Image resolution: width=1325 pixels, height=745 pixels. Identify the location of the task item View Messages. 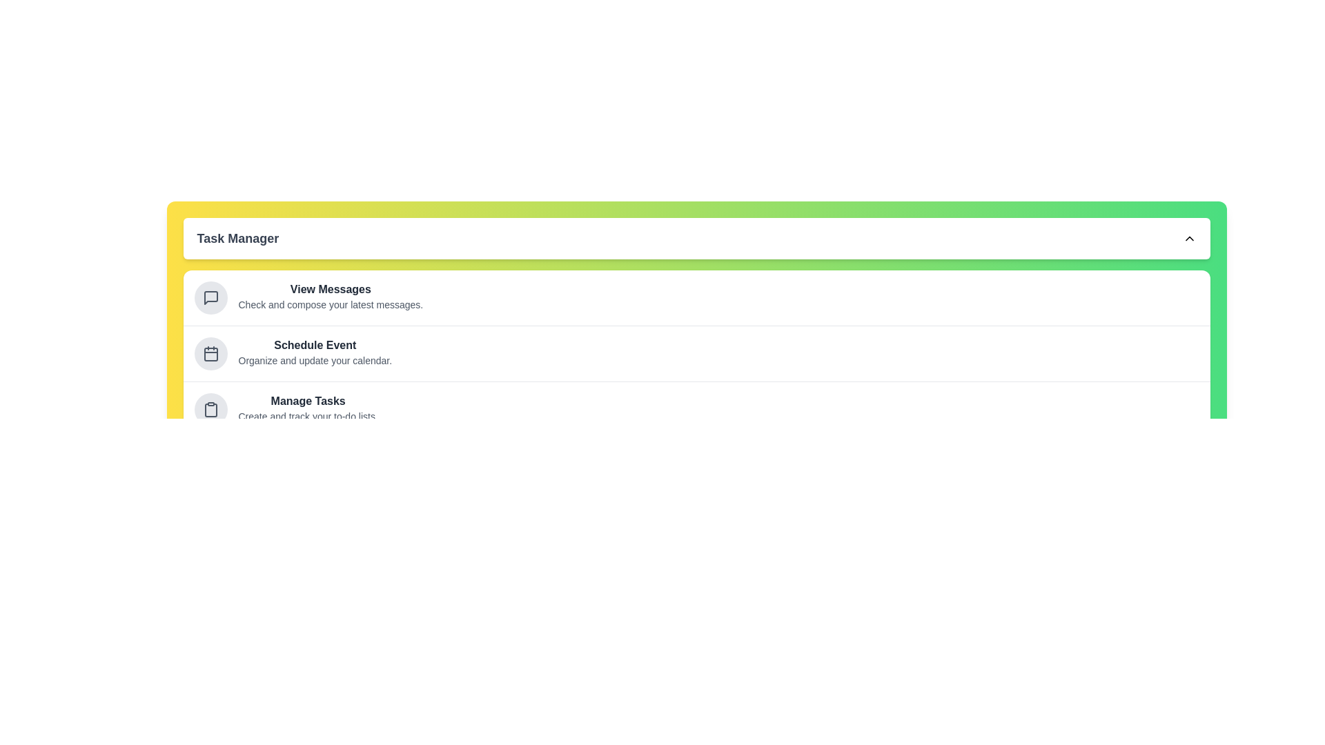
(210, 297).